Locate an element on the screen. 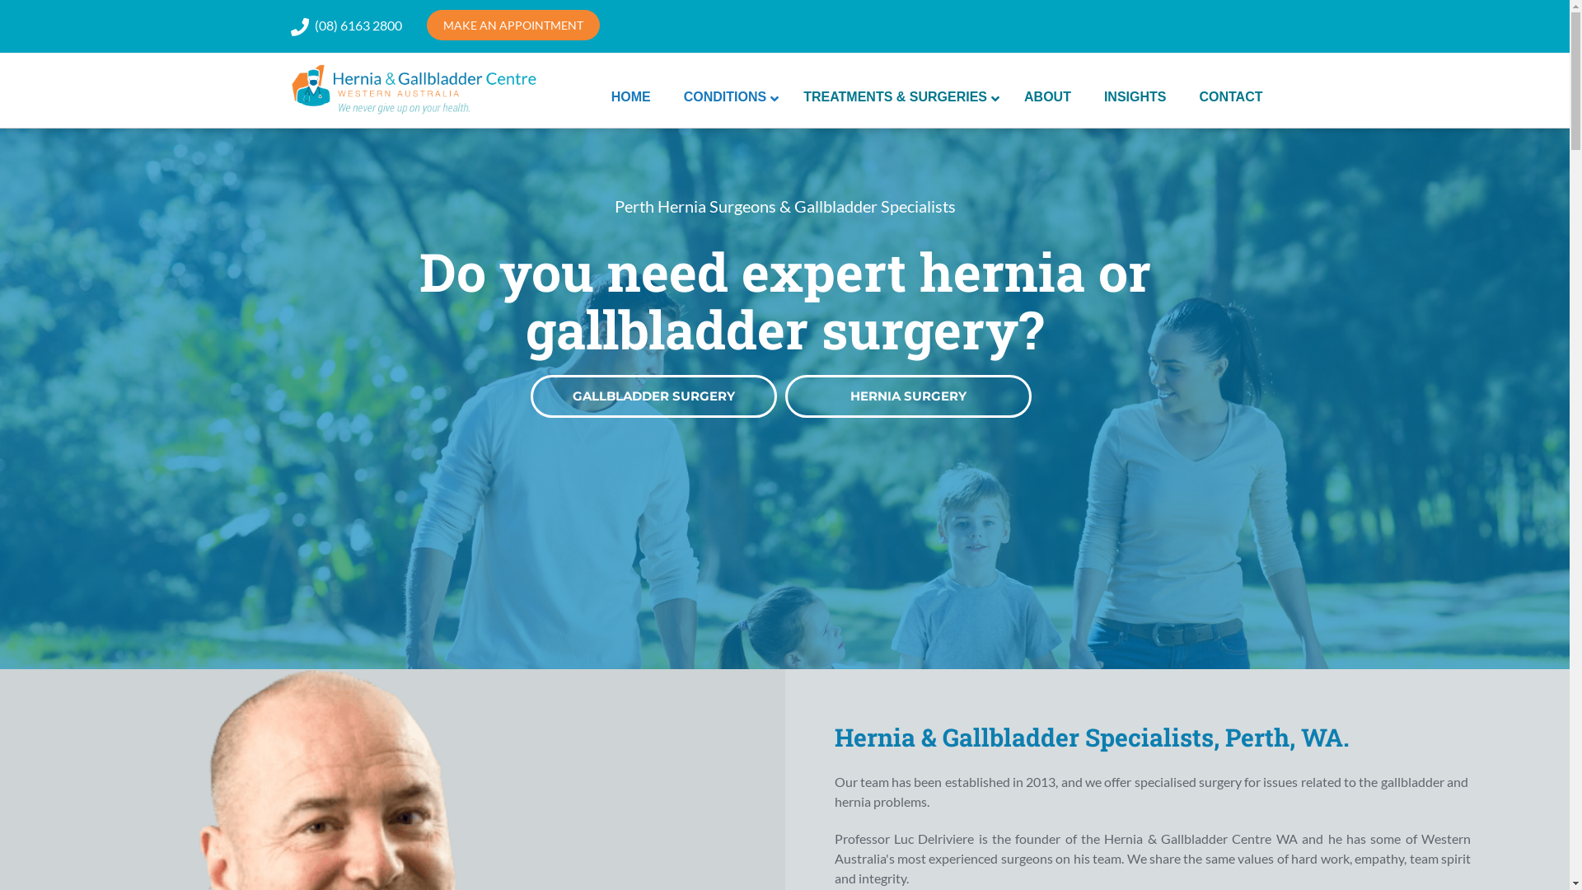  'HERNIA SURGERY' is located at coordinates (906, 396).